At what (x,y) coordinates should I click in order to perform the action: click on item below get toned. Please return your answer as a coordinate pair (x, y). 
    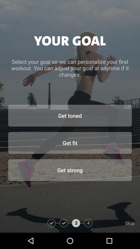
    Looking at the image, I should click on (70, 143).